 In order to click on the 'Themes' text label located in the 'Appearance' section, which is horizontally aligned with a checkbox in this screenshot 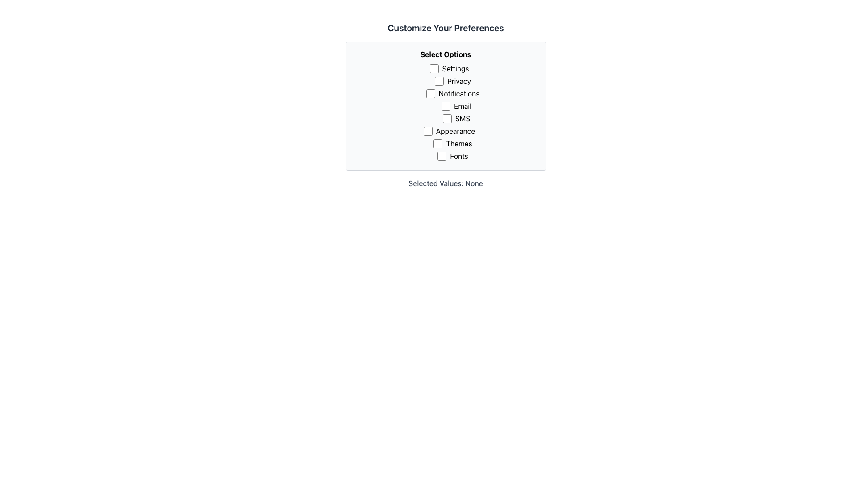, I will do `click(453, 143)`.